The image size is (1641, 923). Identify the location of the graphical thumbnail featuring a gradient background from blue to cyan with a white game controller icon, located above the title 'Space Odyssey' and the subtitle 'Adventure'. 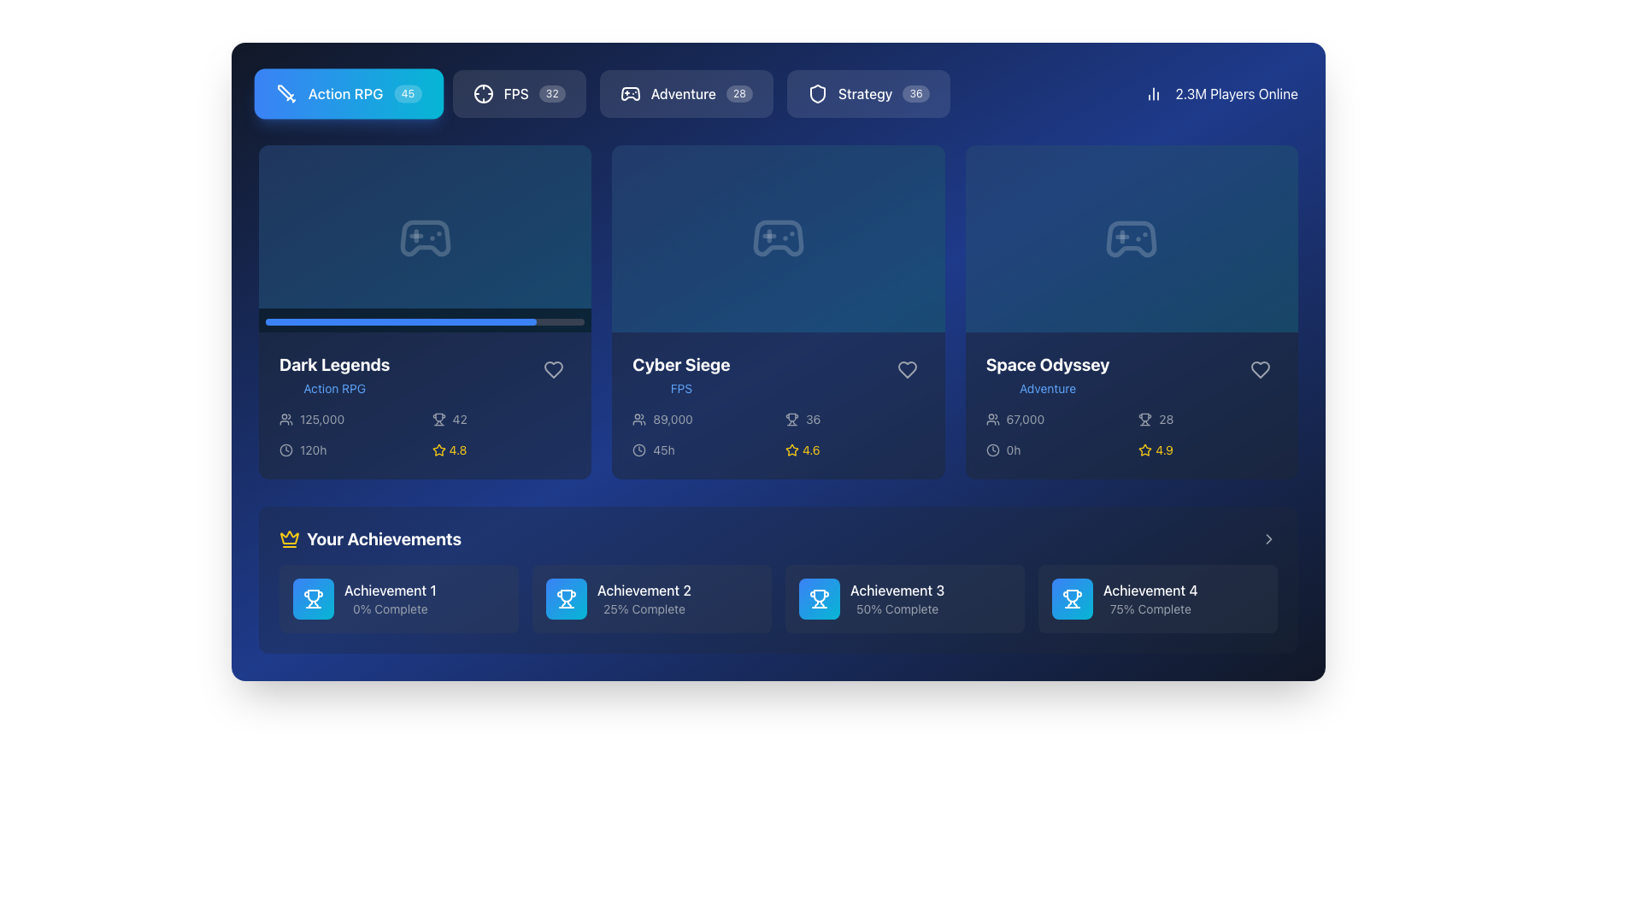
(1132, 238).